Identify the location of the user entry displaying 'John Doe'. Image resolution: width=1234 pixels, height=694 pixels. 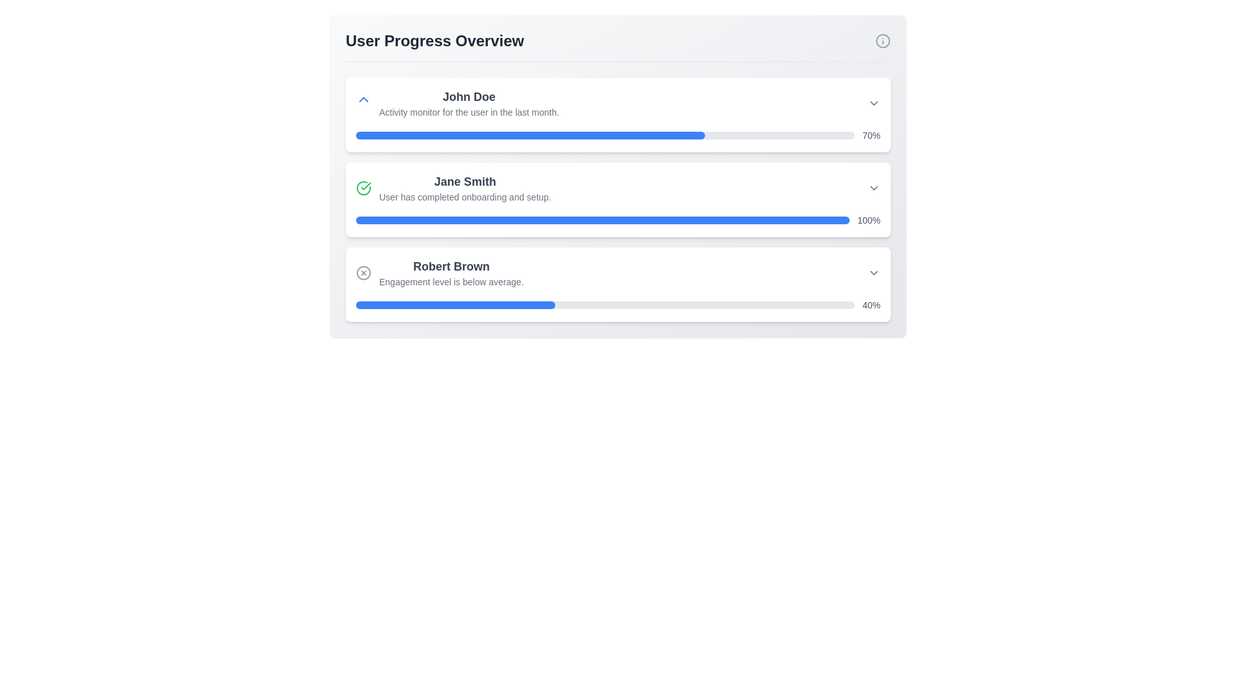
(458, 103).